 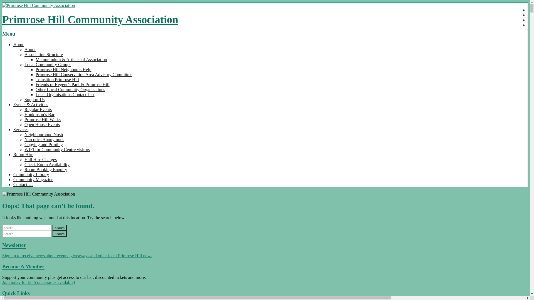 I want to click on 'Association Structure', so click(x=43, y=54).